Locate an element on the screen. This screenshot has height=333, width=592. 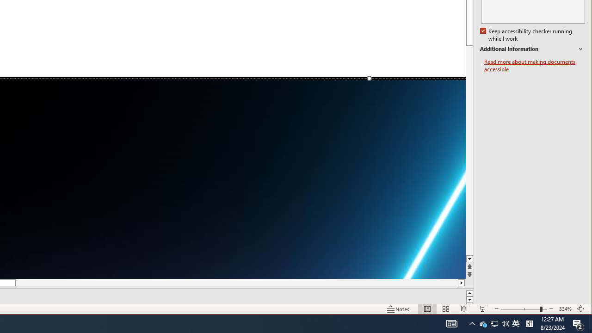
'Zoom 334%' is located at coordinates (565, 309).